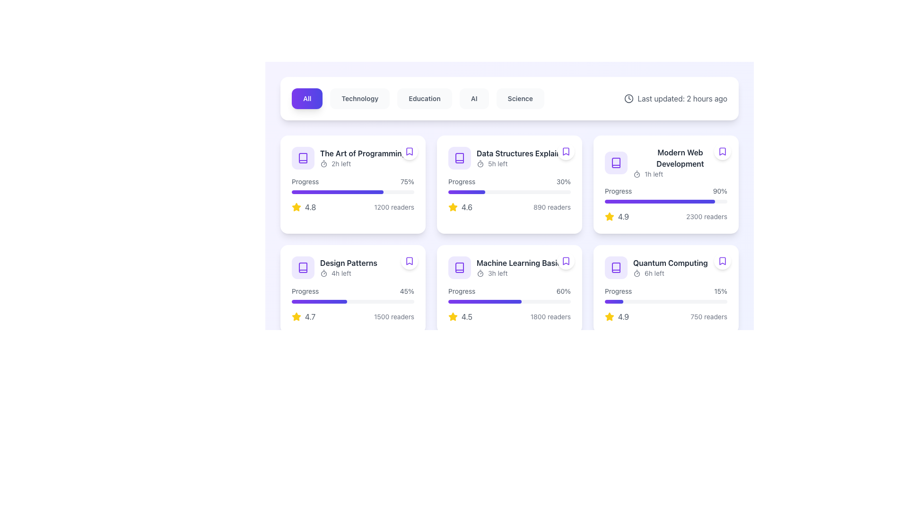 Image resolution: width=908 pixels, height=510 pixels. Describe the element at coordinates (670, 263) in the screenshot. I see `the text label reading 'Quantum Computing' which is styled with a bold font and dark gray color, located in the bottom row, rightmost column of a grid layout` at that location.